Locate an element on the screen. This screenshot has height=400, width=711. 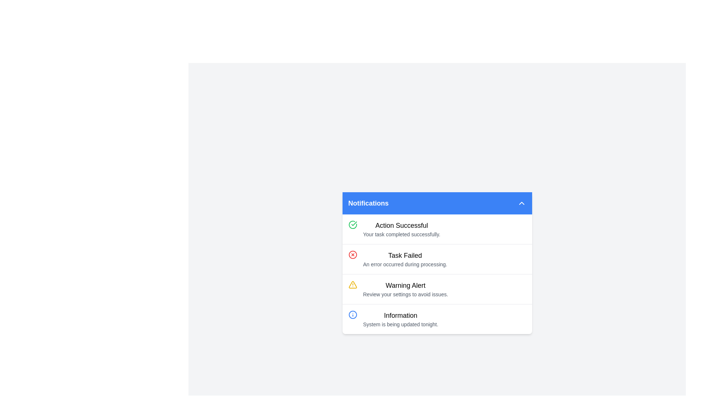
notification message labeled 'Action Successful' with the subtext 'Your task completed successfully.' located under the blue header 'Notifications.' is located at coordinates (401, 229).